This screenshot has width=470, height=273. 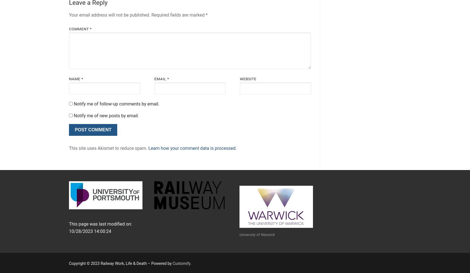 I want to click on 'Notify me of new posts by email.', so click(x=106, y=115).